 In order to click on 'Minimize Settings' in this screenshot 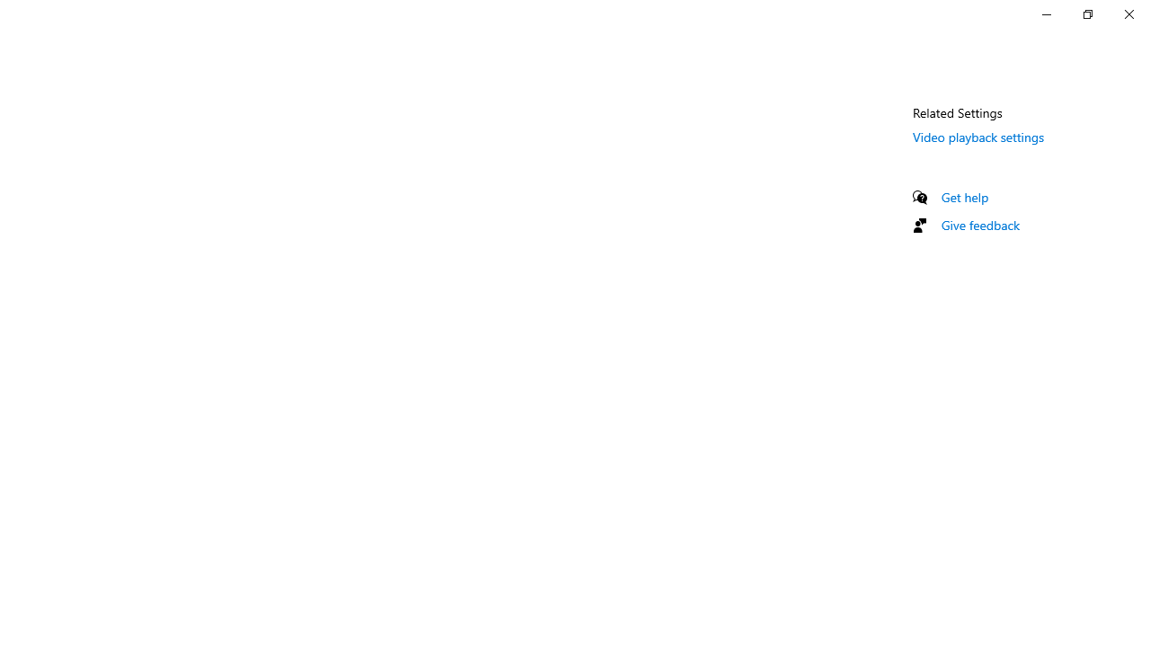, I will do `click(1046, 13)`.